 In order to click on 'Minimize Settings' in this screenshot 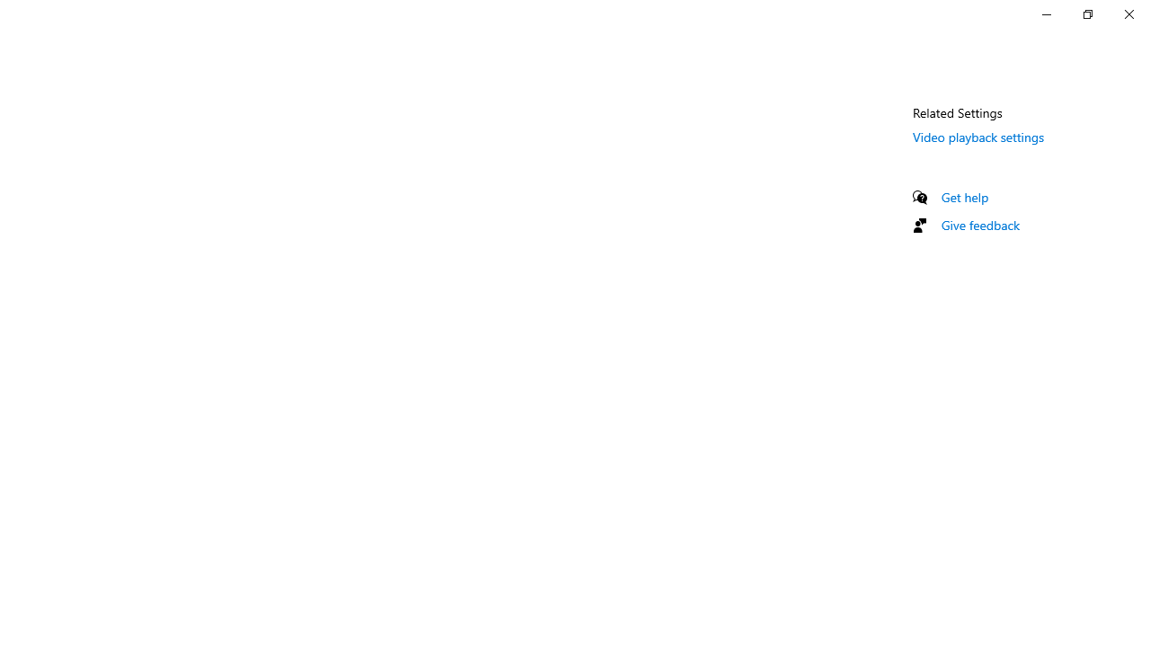, I will do `click(1046, 13)`.